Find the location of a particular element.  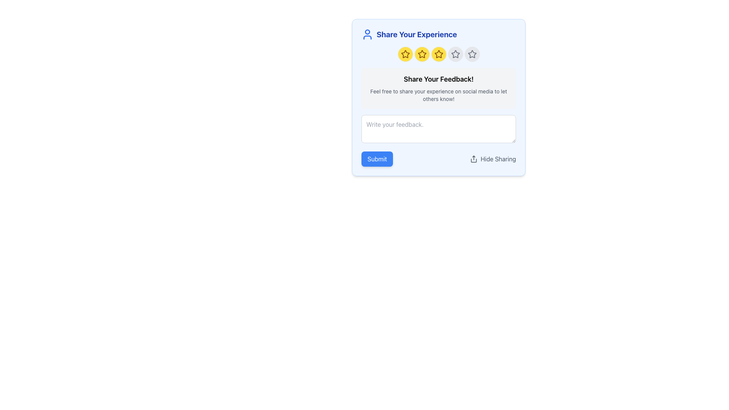

the Static text block providing context to encourage users to share their experience, located beneath the title 'Share Your Feedback!' and above the text input box is located at coordinates (439, 95).